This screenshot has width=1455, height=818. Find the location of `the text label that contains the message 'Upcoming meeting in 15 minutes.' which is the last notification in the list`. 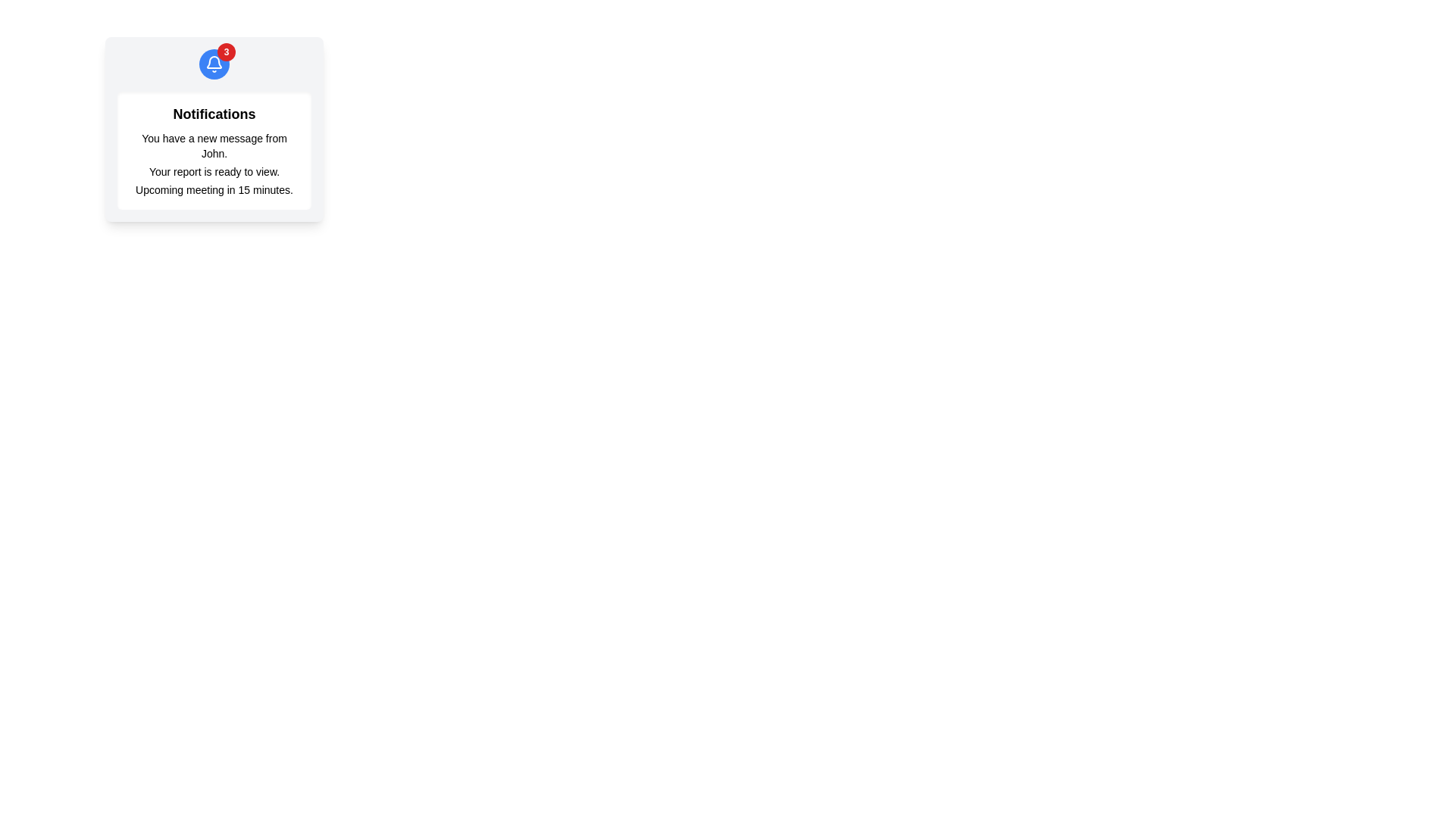

the text label that contains the message 'Upcoming meeting in 15 minutes.' which is the last notification in the list is located at coordinates (214, 189).